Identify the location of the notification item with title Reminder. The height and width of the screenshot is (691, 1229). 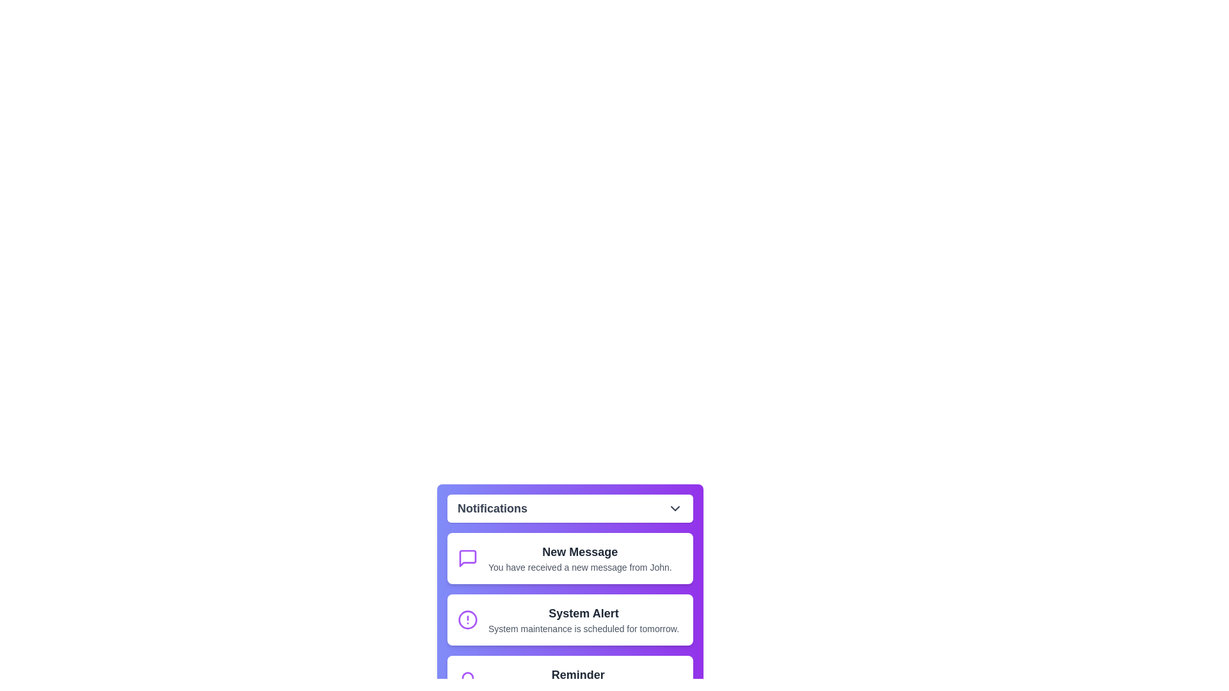
(570, 680).